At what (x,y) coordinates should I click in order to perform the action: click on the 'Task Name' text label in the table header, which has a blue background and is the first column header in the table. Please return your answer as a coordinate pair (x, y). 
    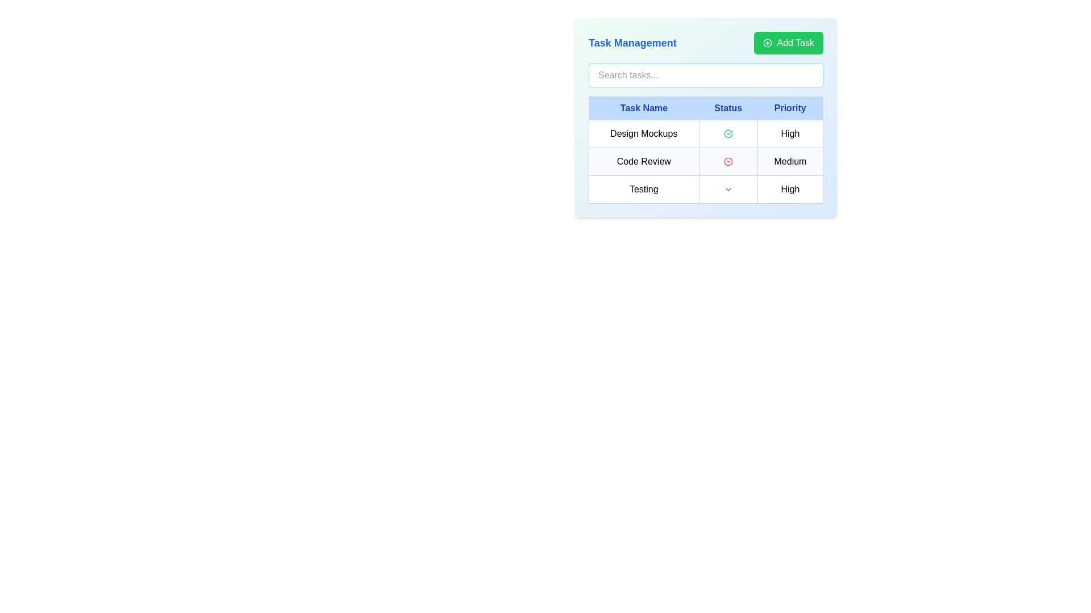
    Looking at the image, I should click on (644, 108).